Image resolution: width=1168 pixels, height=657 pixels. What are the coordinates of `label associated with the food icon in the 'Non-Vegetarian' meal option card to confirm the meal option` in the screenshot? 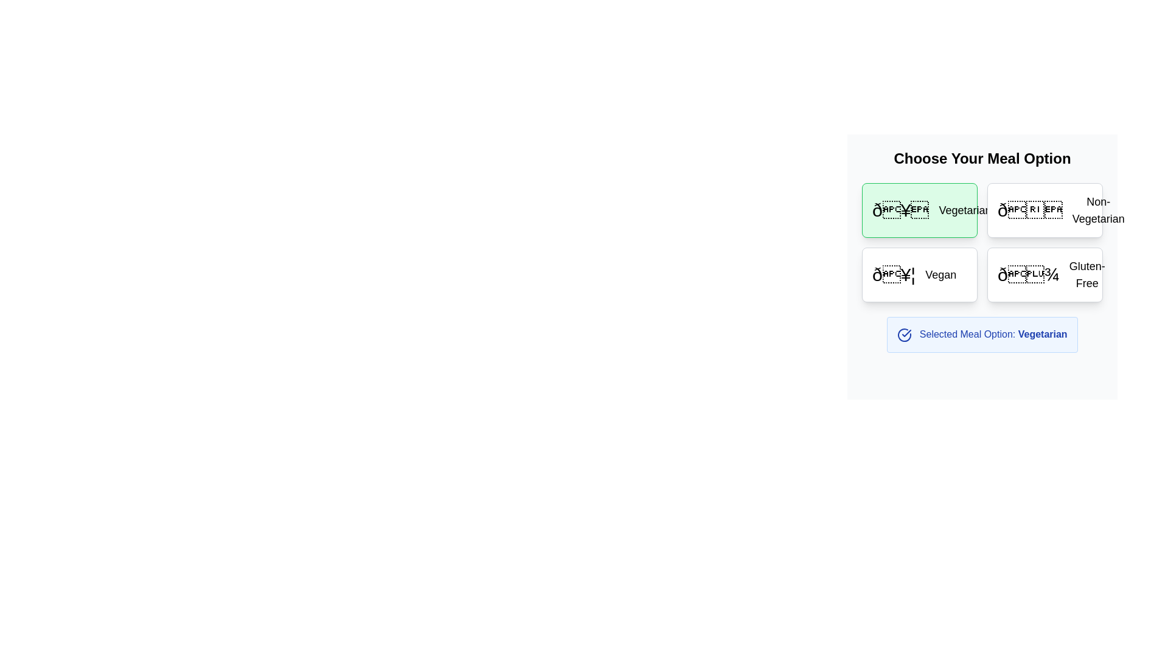 It's located at (1029, 210).